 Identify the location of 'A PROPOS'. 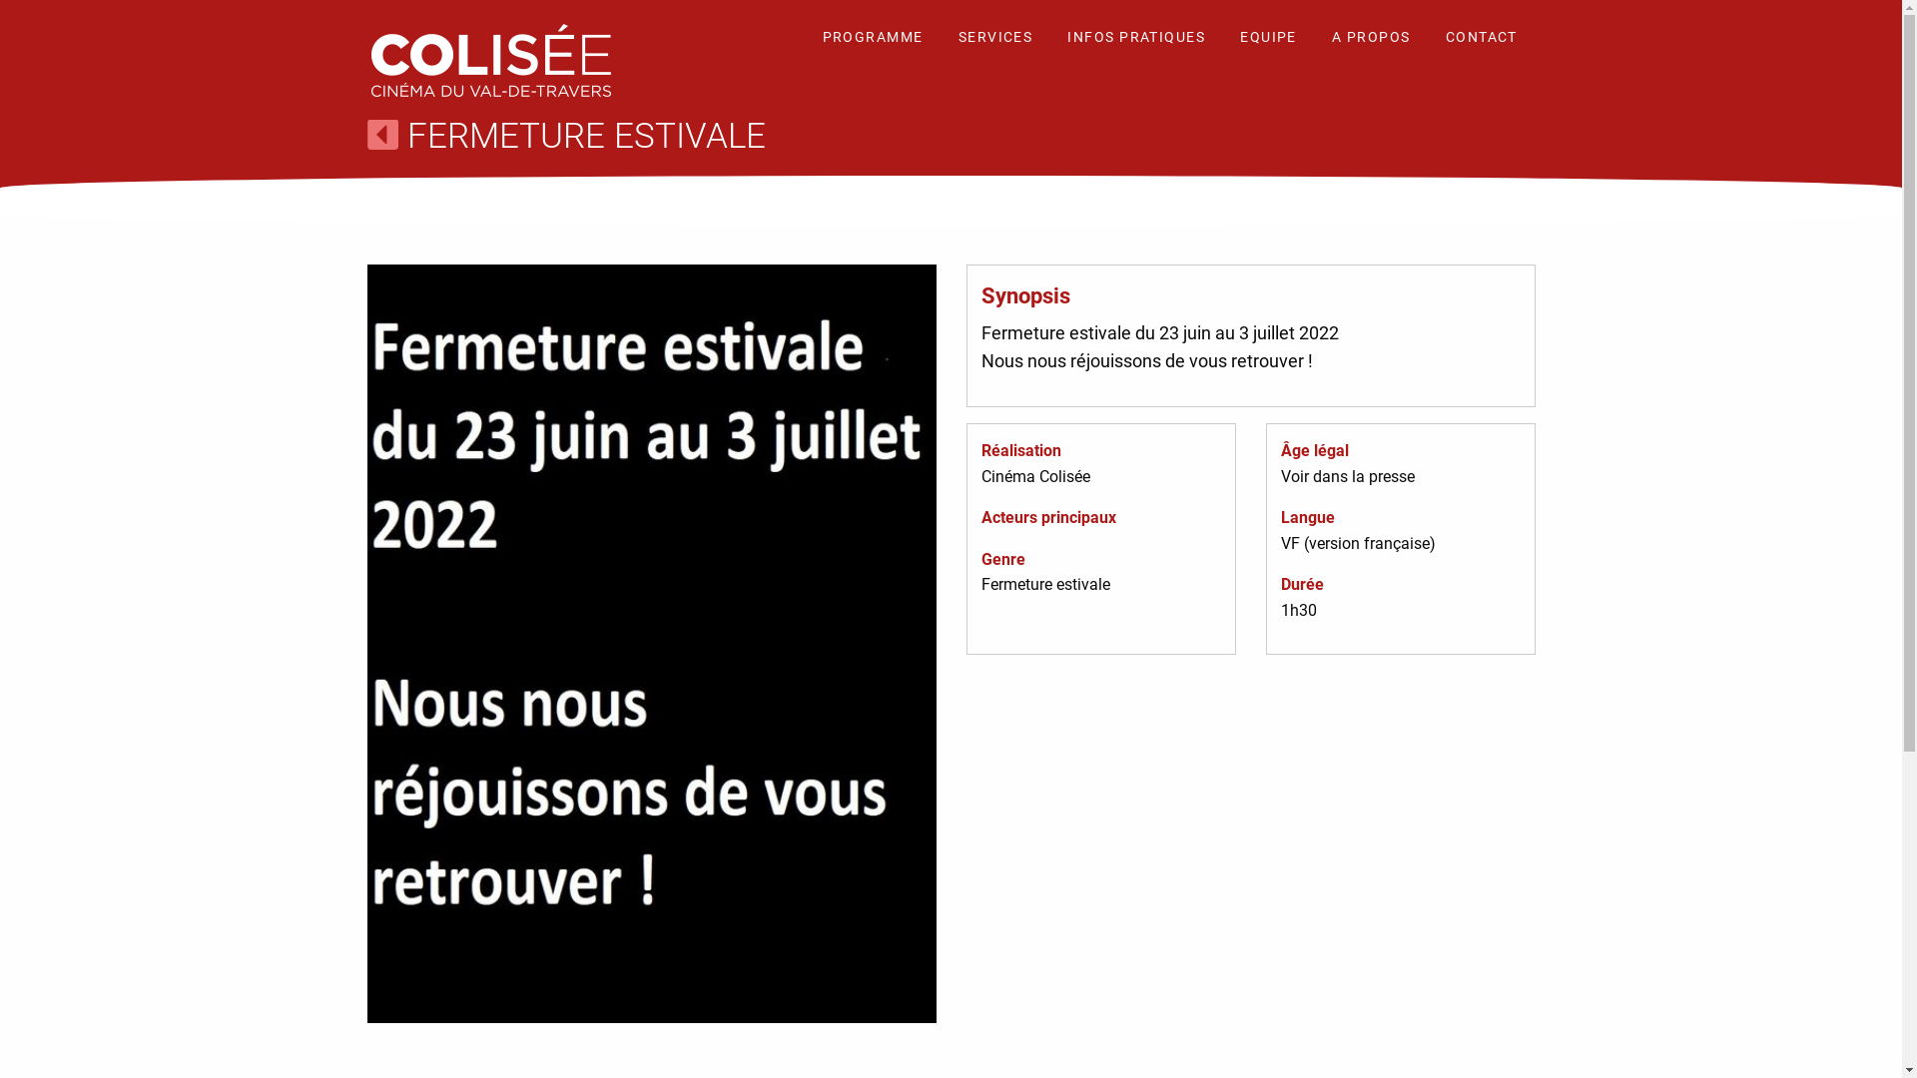
(1316, 39).